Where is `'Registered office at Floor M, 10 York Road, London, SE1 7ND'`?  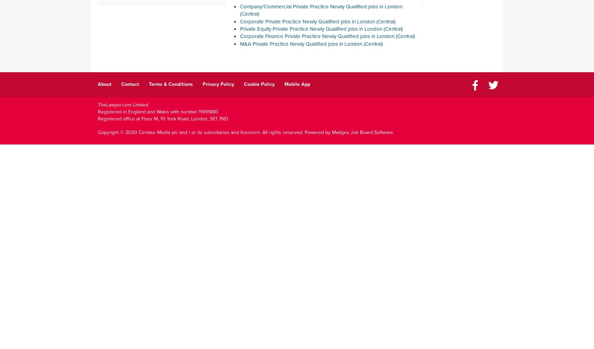
'Registered office at Floor M, 10 York Road, London, SE1 7ND' is located at coordinates (163, 118).